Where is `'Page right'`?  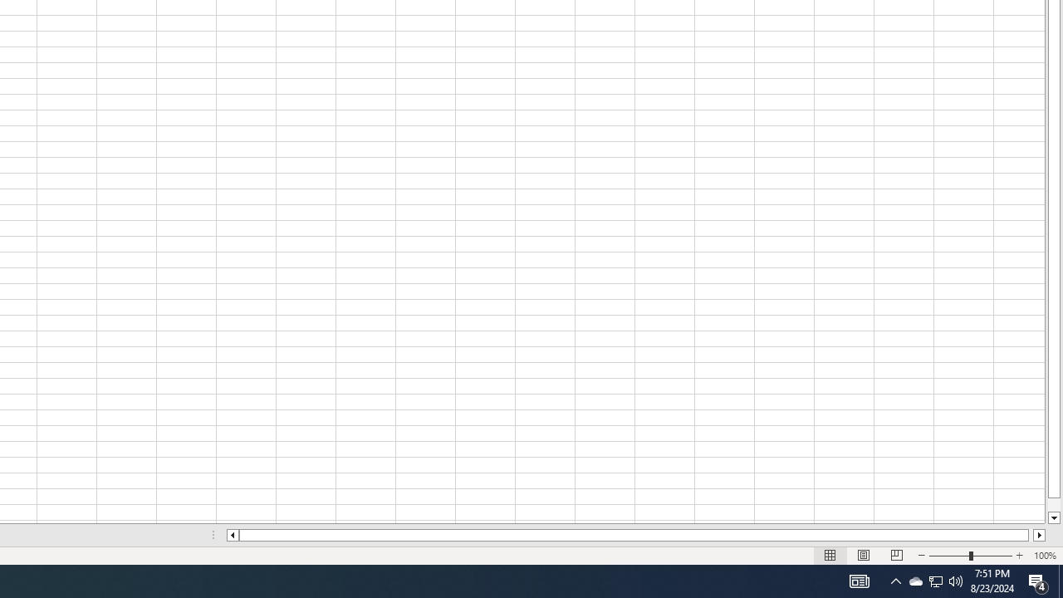 'Page right' is located at coordinates (1030, 535).